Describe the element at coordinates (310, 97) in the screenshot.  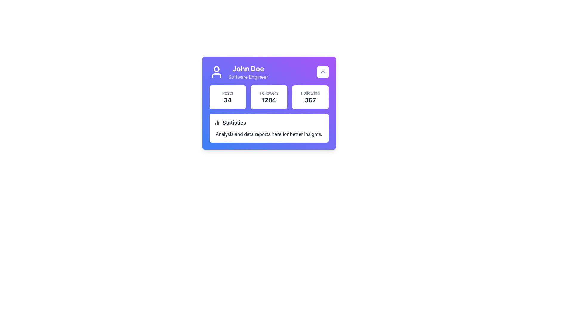
I see `the Informational card displaying 'Following' and '367', which is the third card in a row of three, positioned to the far right with a white background and rounded corners` at that location.